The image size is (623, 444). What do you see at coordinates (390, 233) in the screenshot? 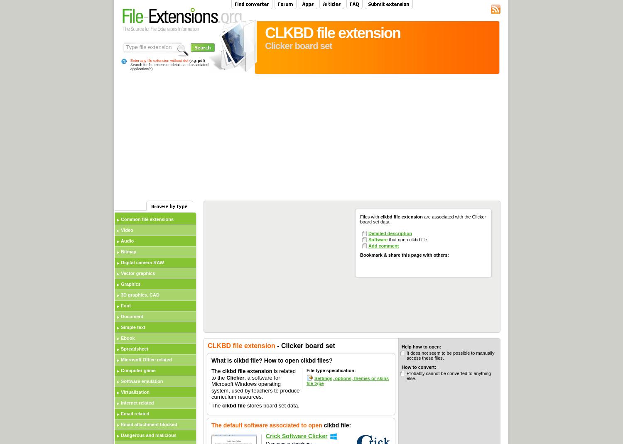
I see `'Detailed description'` at bounding box center [390, 233].